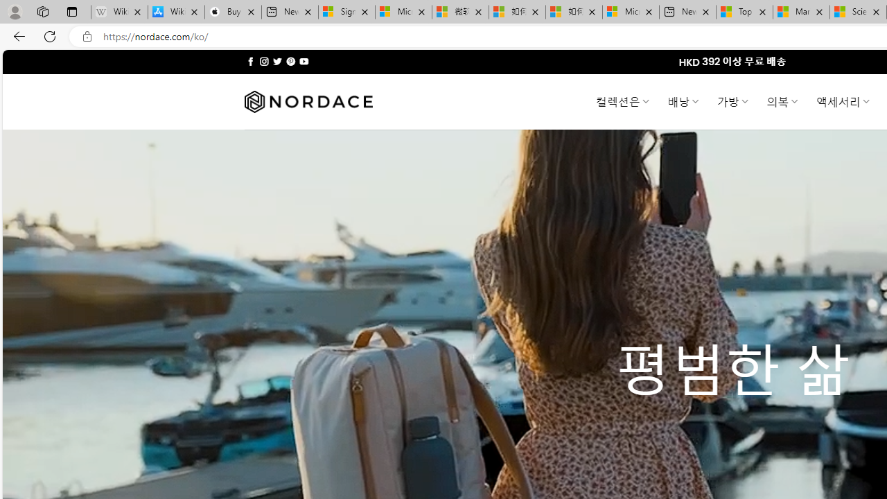 This screenshot has height=499, width=887. Describe the element at coordinates (264, 61) in the screenshot. I see `'Follow on Instagram'` at that location.